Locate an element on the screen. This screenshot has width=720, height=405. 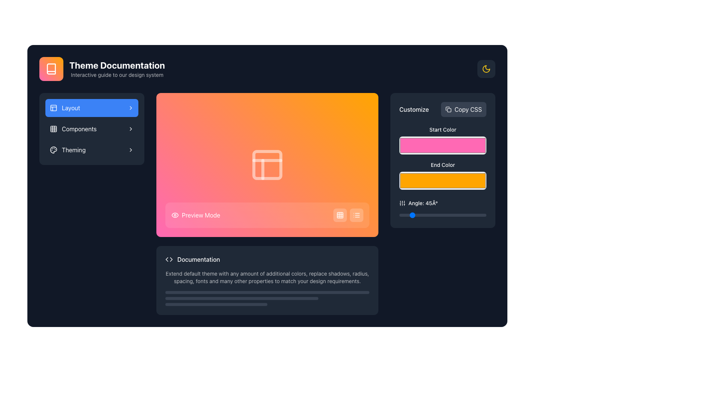
the slider located on the right-hand side of the interface, below the 'Angle: 45°' label is located at coordinates (442, 215).